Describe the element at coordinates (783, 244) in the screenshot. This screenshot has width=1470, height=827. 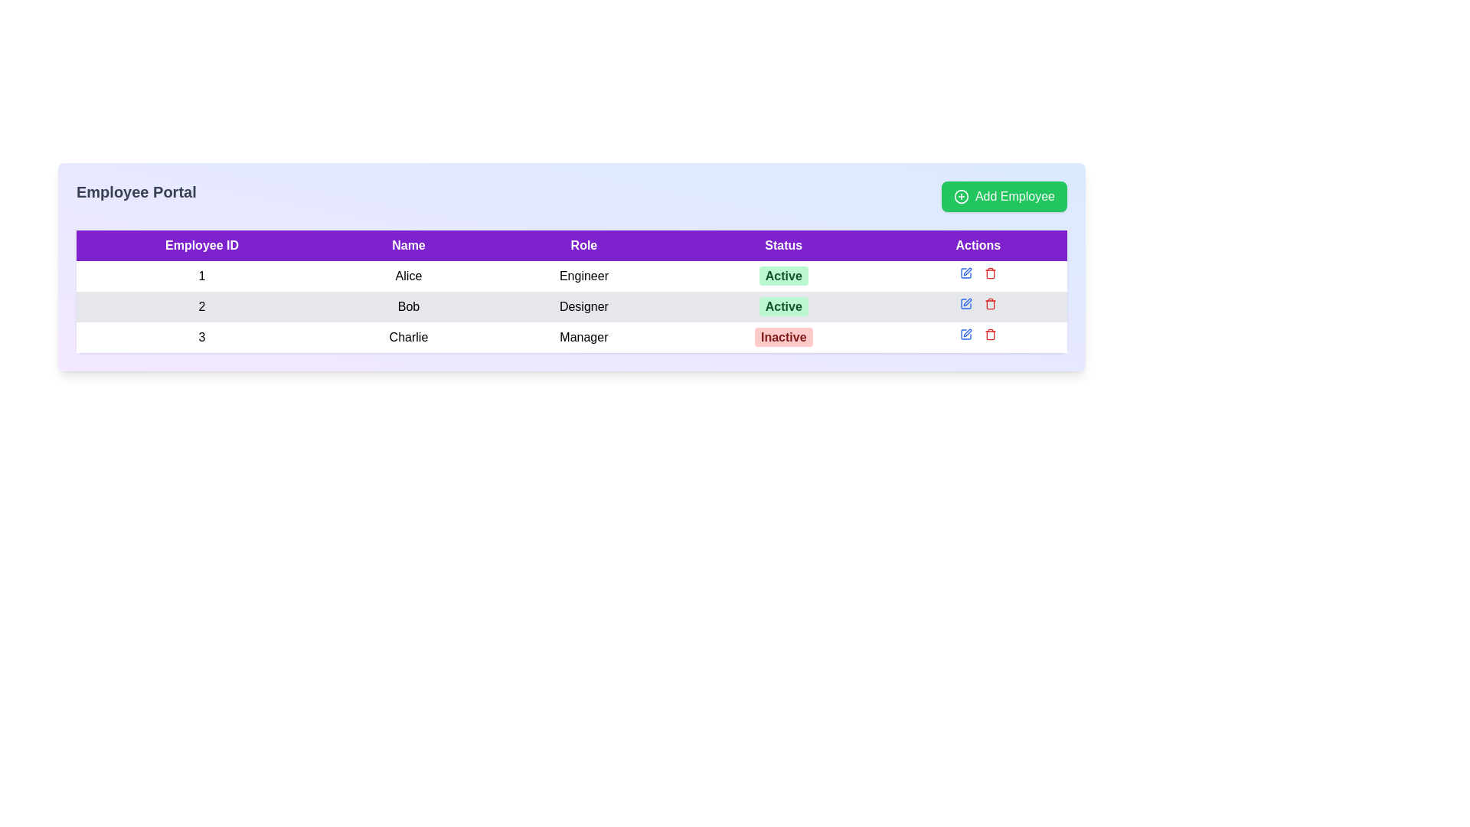
I see `the 'Status' text label in the table header, which is displayed on a bright purple background with white bold sans-serif text` at that location.